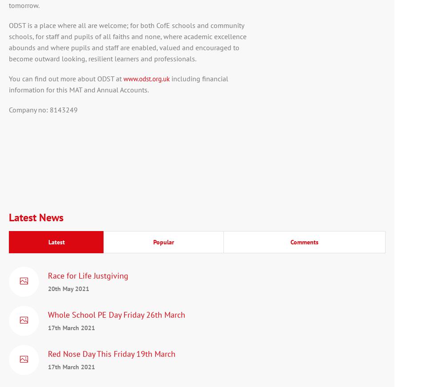 The height and width of the screenshot is (387, 422). What do you see at coordinates (88, 275) in the screenshot?
I see `'Race for Life Justgiving'` at bounding box center [88, 275].